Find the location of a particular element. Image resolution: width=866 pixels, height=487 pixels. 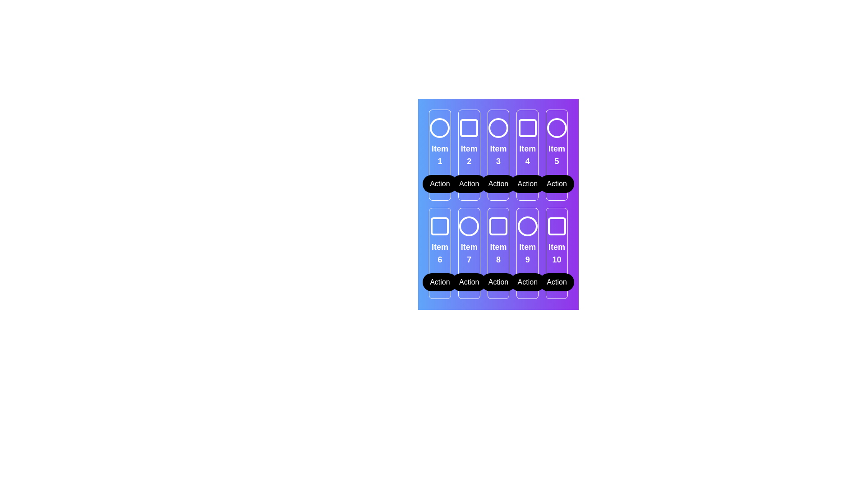

the primary action button associated with 'Item 2', which is located directly below the label 'Item 2' in the top row of the grid is located at coordinates (469, 184).